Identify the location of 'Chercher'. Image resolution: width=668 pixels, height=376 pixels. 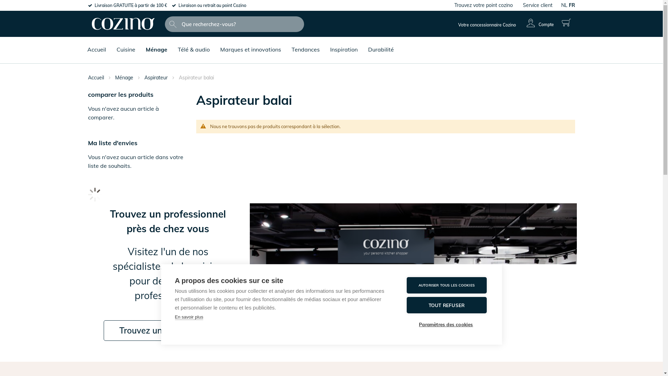
(166, 24).